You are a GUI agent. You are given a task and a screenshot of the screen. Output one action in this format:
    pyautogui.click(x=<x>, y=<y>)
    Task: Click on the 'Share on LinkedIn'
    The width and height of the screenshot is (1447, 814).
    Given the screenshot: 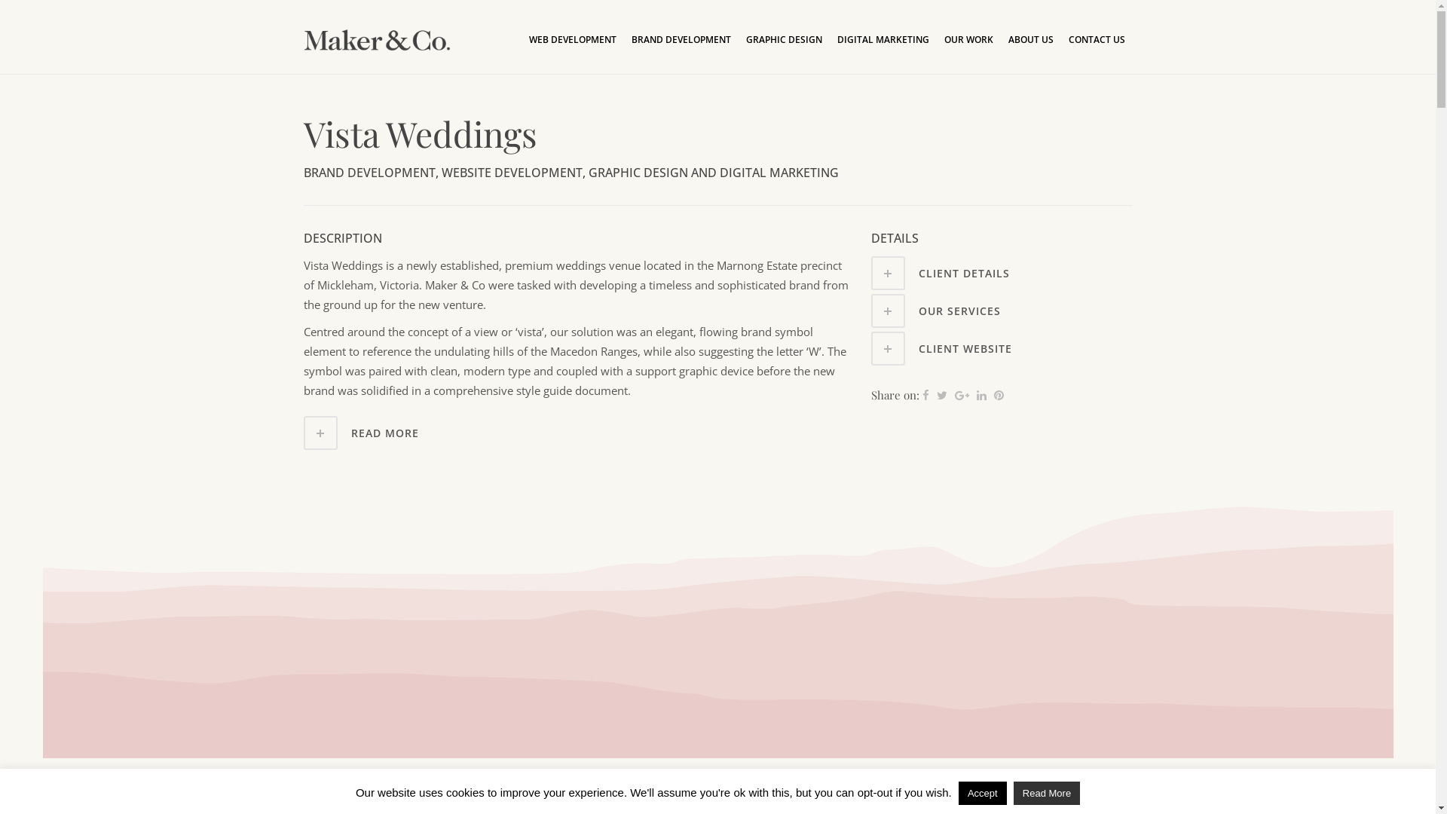 What is the action you would take?
    pyautogui.click(x=981, y=394)
    